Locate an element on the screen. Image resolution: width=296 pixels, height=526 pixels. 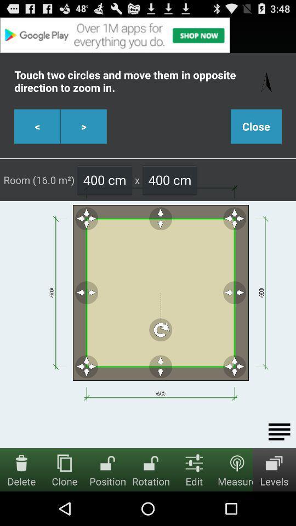
the left scroll is located at coordinates (37, 127).